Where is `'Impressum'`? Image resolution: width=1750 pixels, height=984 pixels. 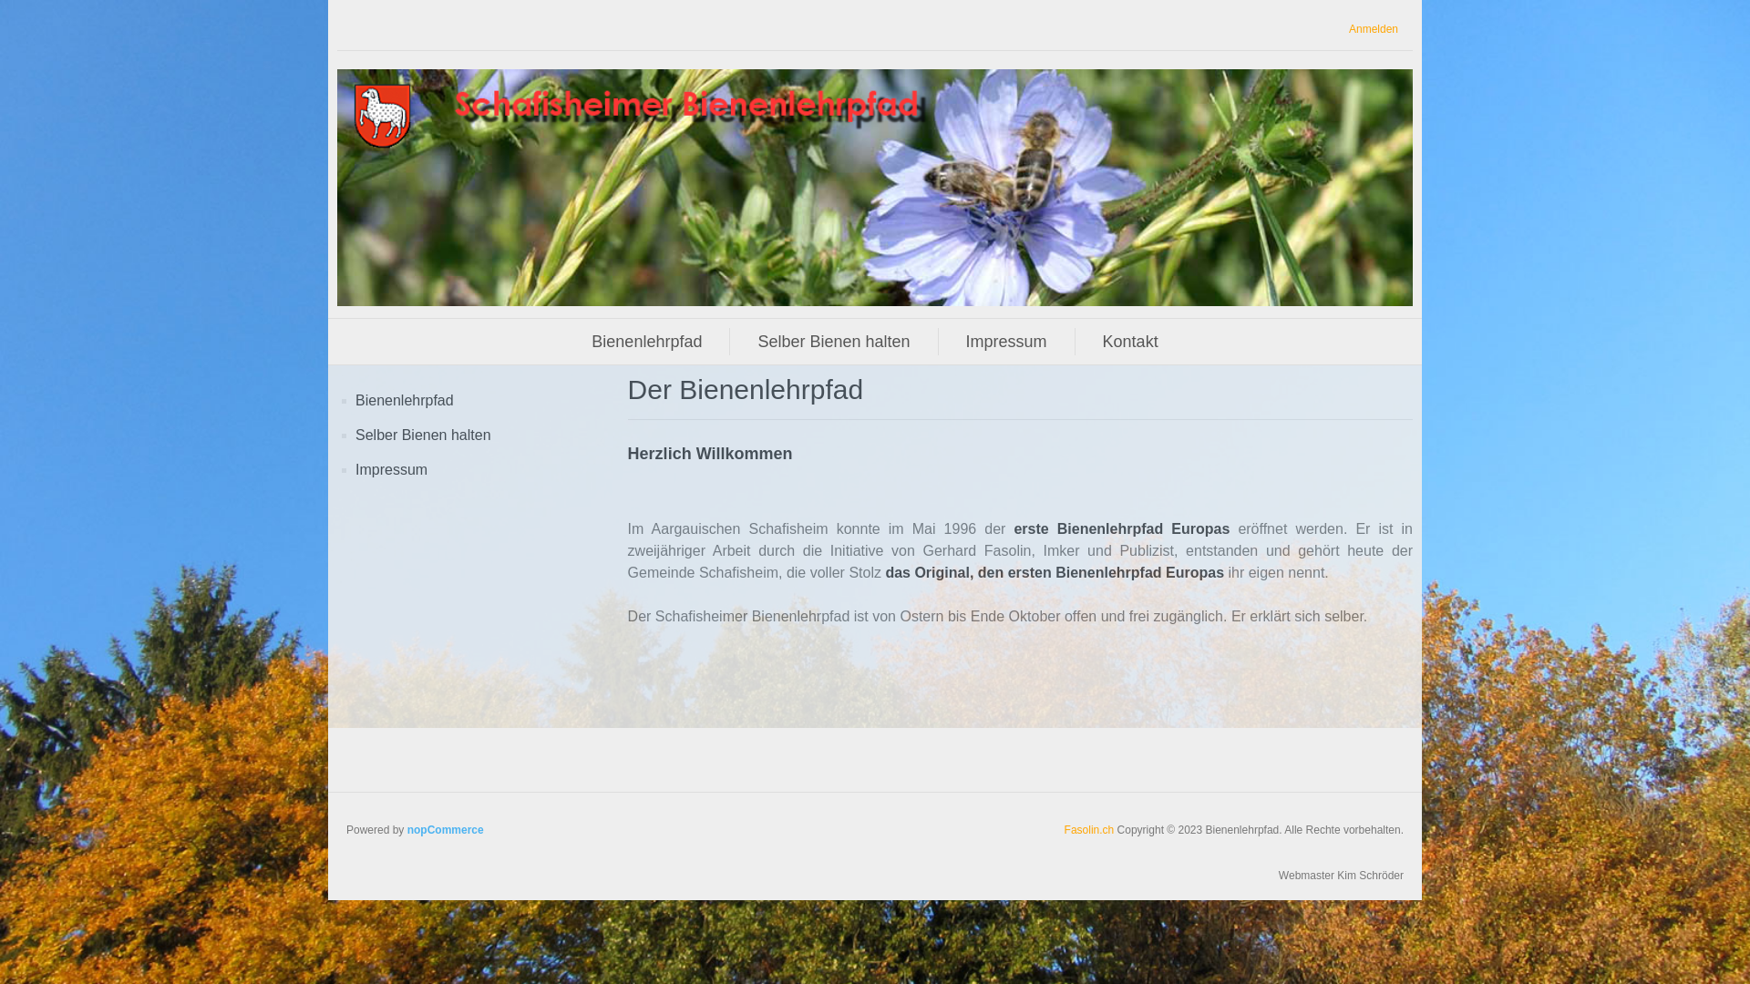 'Impressum' is located at coordinates (1005, 341).